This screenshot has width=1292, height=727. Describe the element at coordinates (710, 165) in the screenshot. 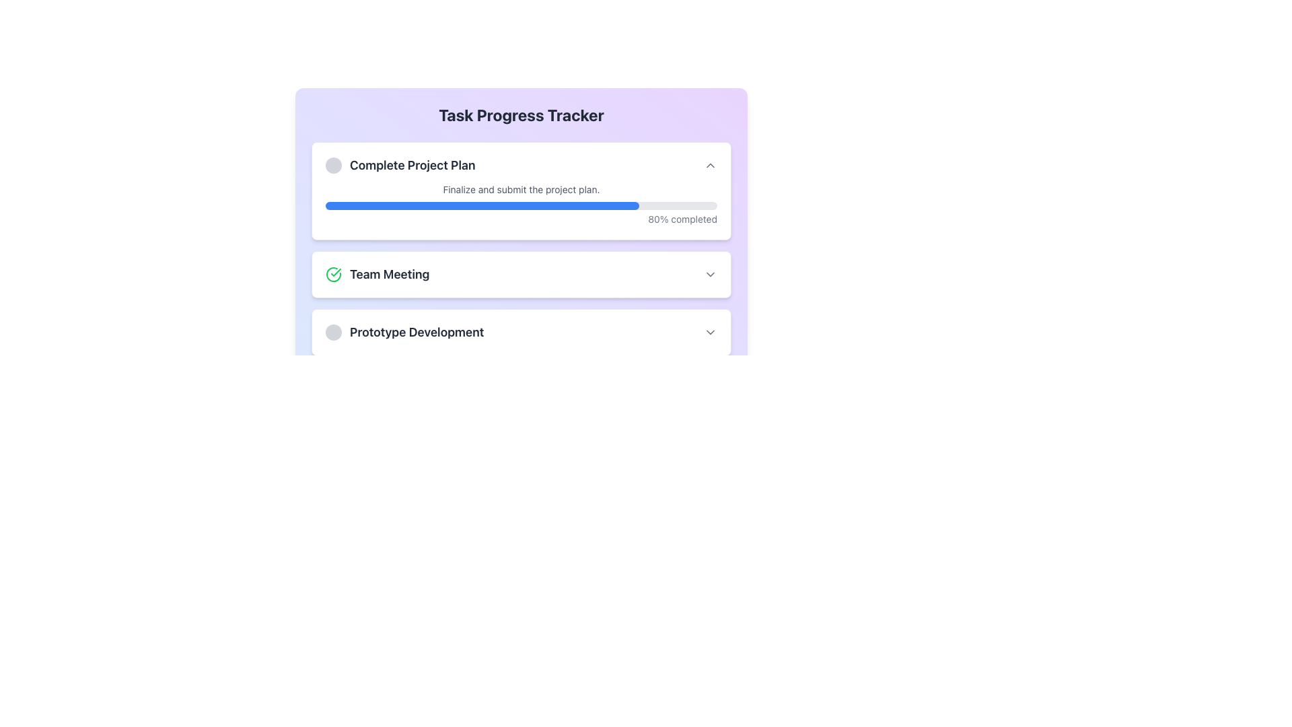

I see `the toggle button located to the far right of the 'Complete Project Plan' text` at that location.